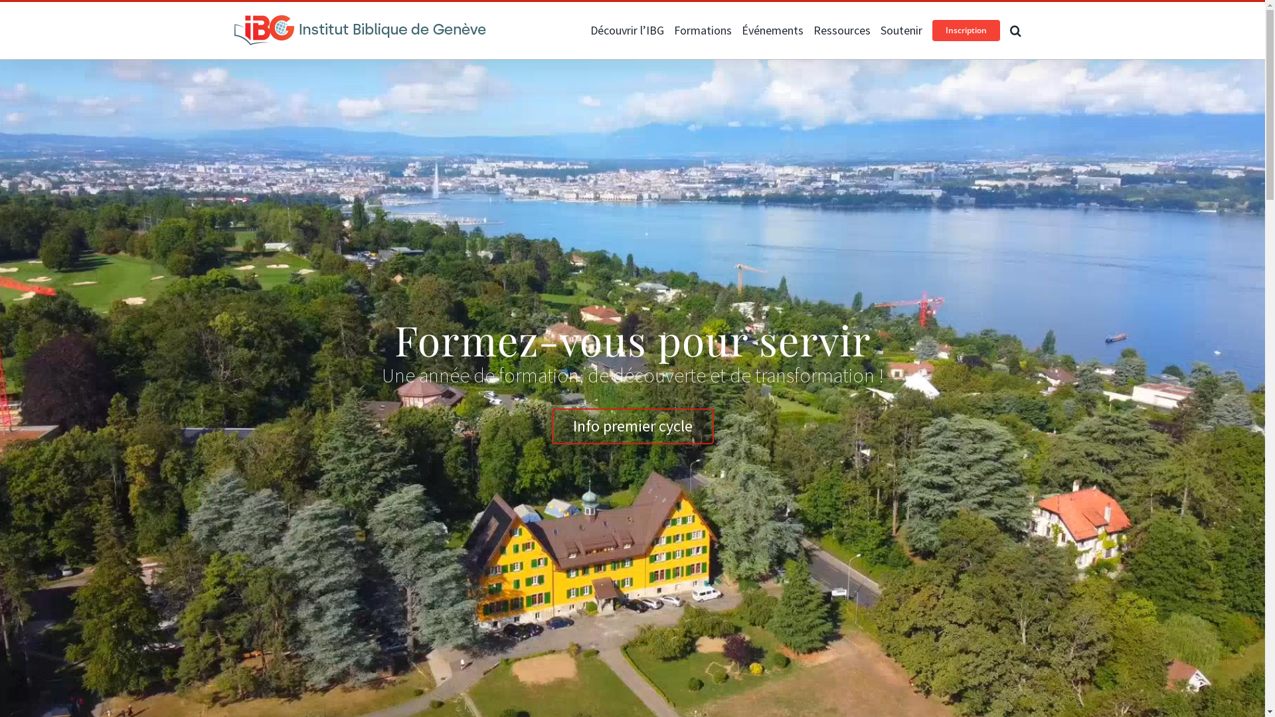 The image size is (1275, 717). What do you see at coordinates (262, 15) in the screenshot?
I see `'Instagram'` at bounding box center [262, 15].